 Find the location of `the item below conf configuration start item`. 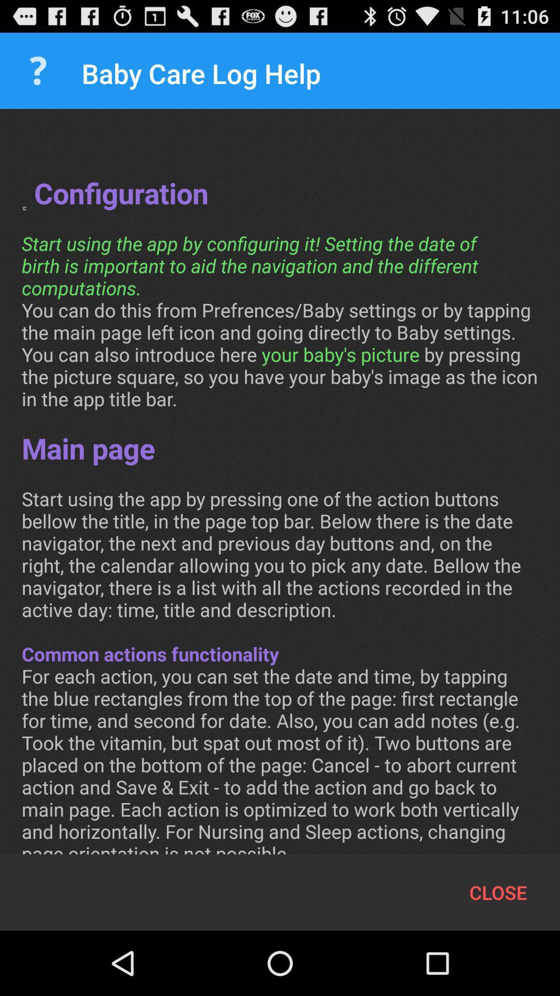

the item below conf configuration start item is located at coordinates (498, 892).